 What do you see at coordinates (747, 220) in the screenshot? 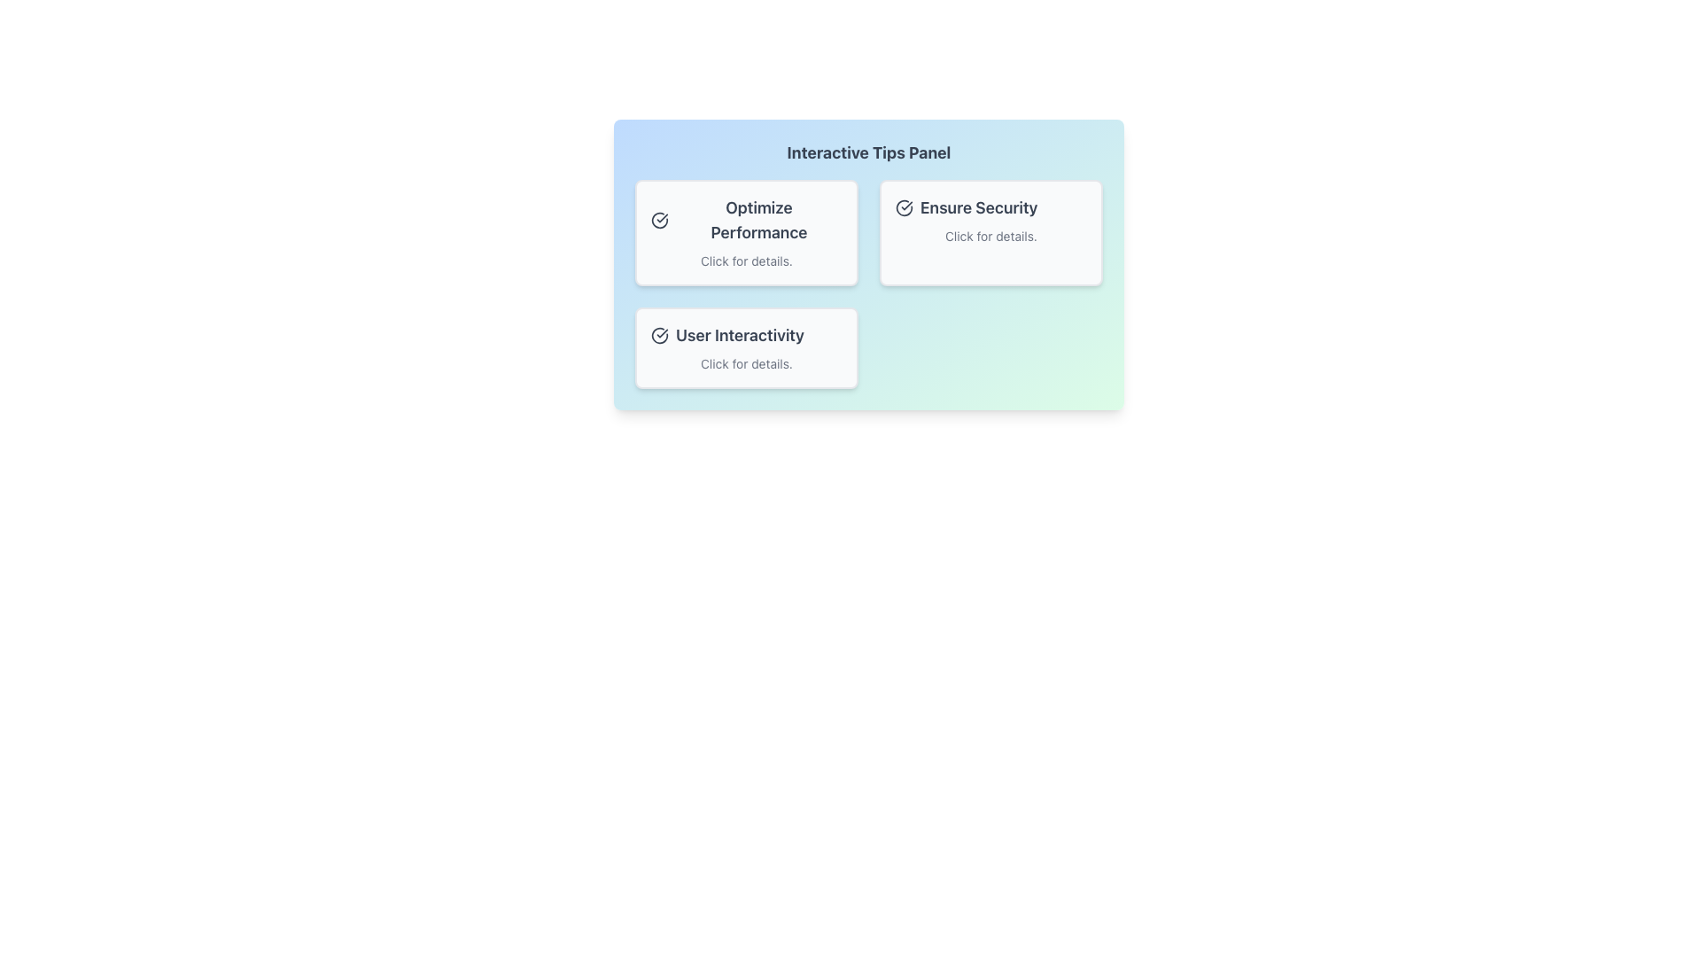
I see `the text label displaying 'Optimize Performance' which is part of a rectangular card in the top-left of a 2x2 grid layout` at bounding box center [747, 220].